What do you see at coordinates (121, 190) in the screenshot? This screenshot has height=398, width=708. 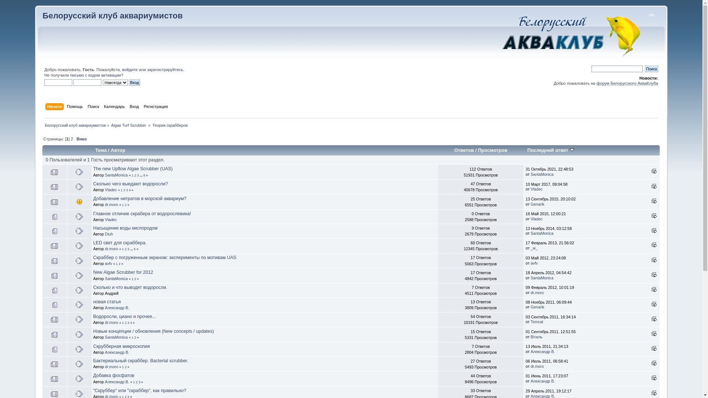 I see `'1'` at bounding box center [121, 190].